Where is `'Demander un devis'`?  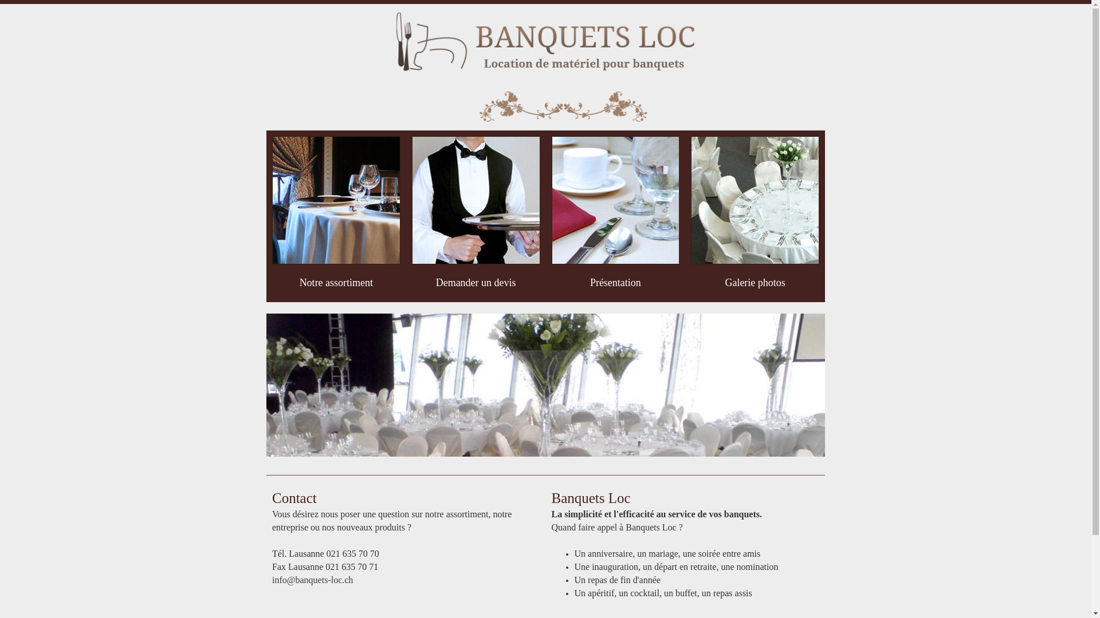
'Demander un devis' is located at coordinates (476, 282).